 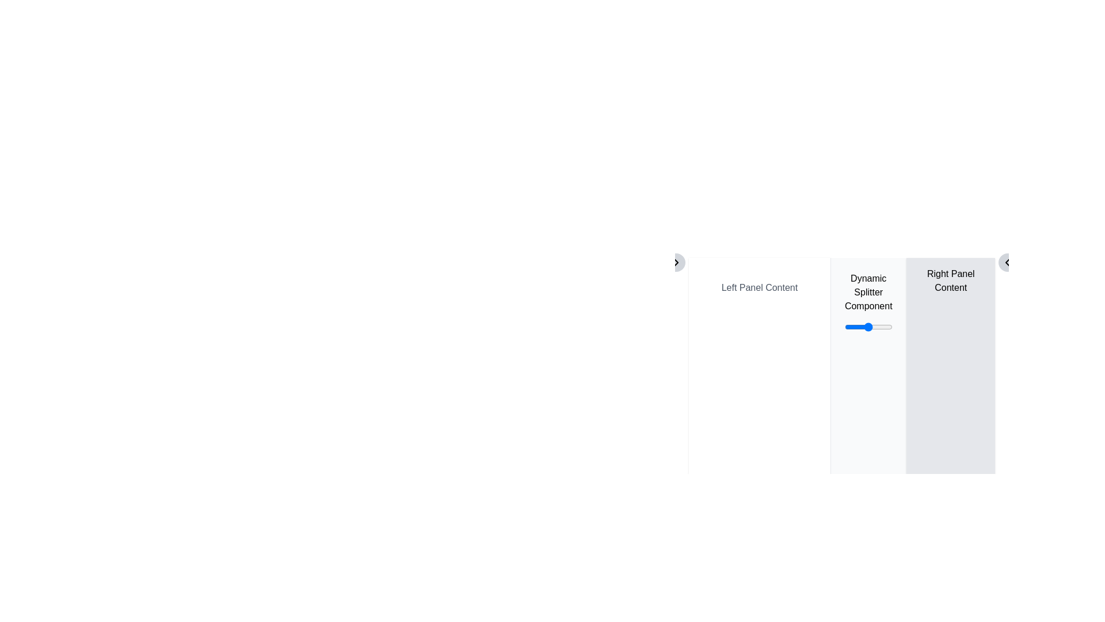 I want to click on the slider value, so click(x=874, y=327).